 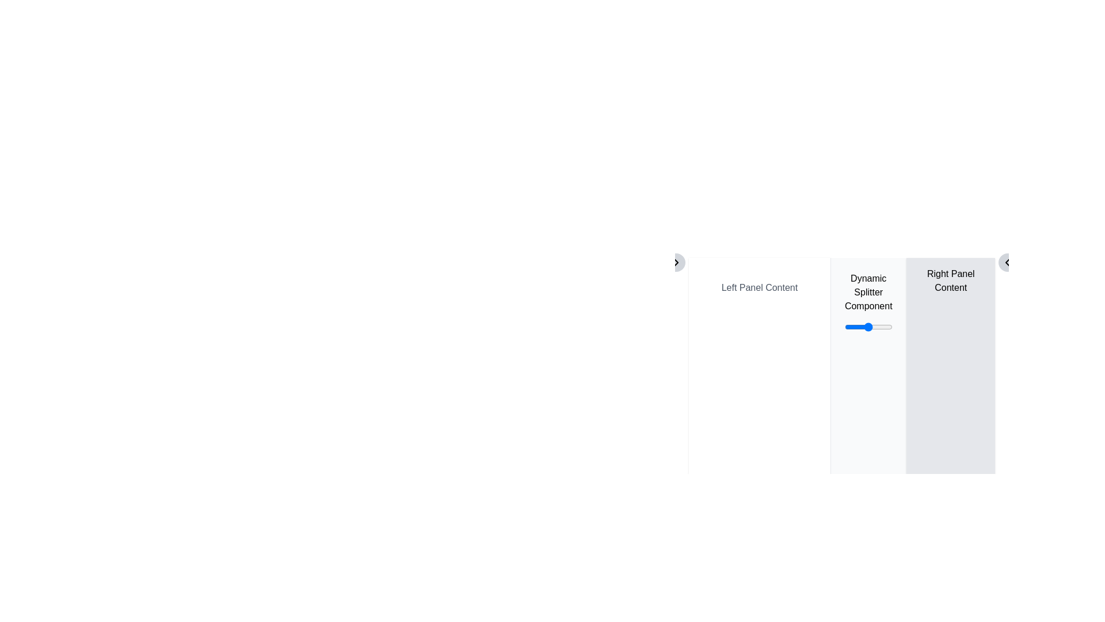 I want to click on the slider value, so click(x=874, y=327).